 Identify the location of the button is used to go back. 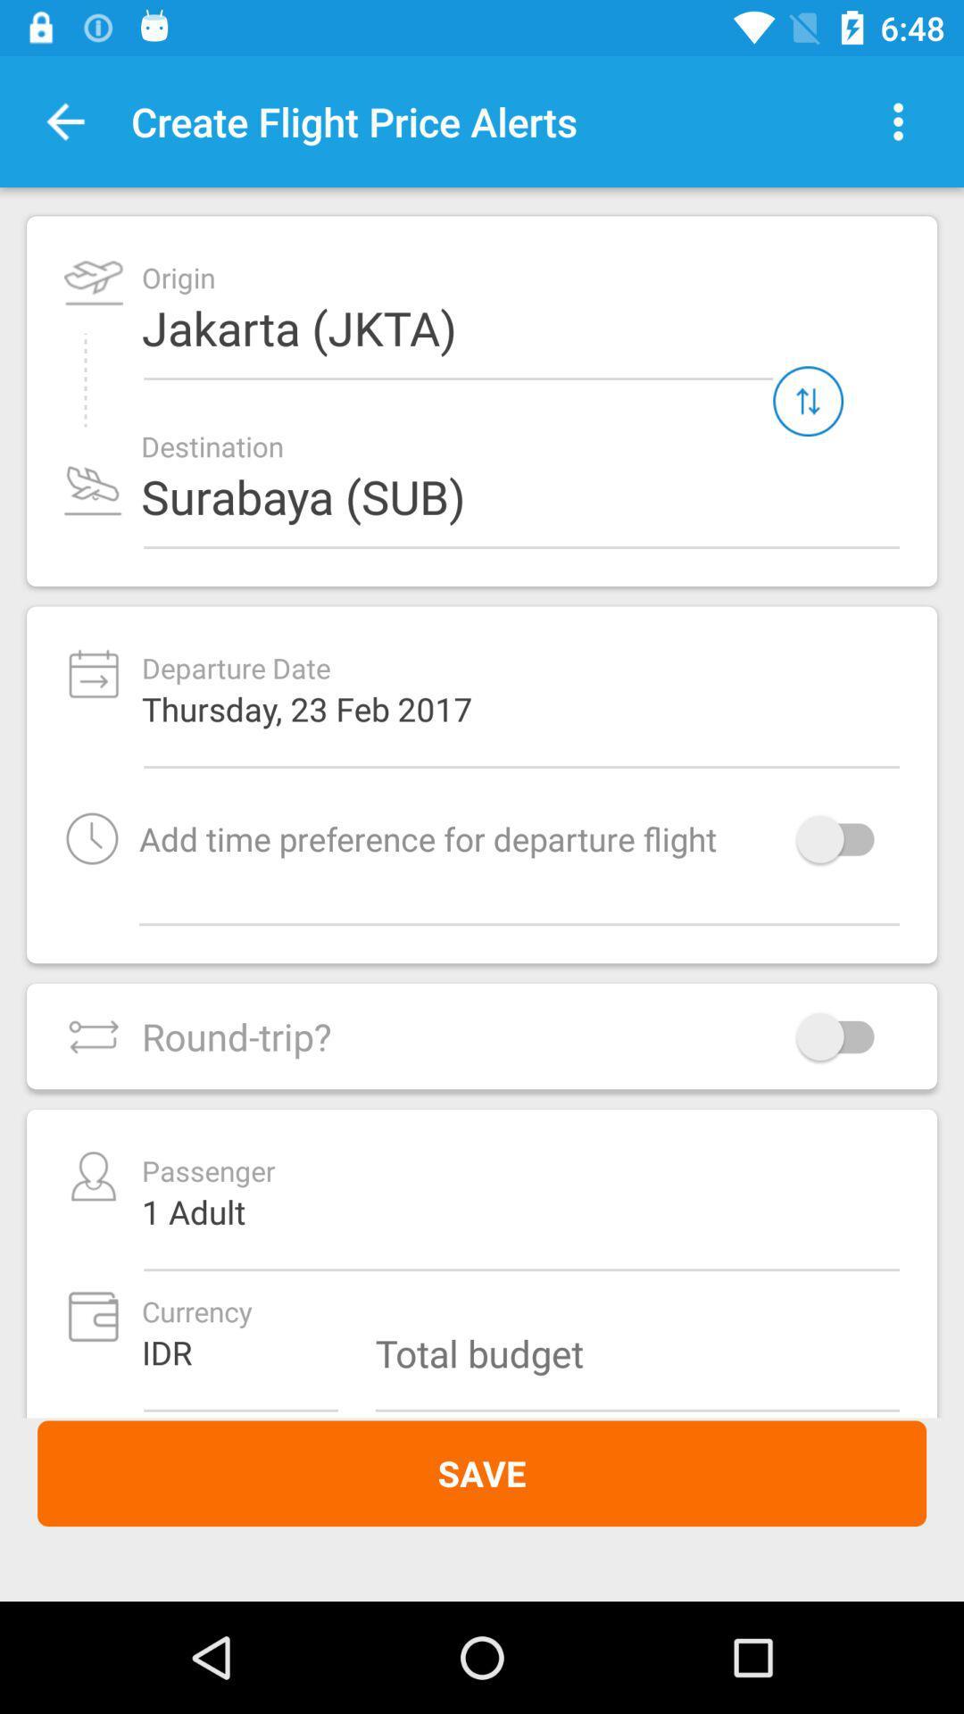
(64, 121).